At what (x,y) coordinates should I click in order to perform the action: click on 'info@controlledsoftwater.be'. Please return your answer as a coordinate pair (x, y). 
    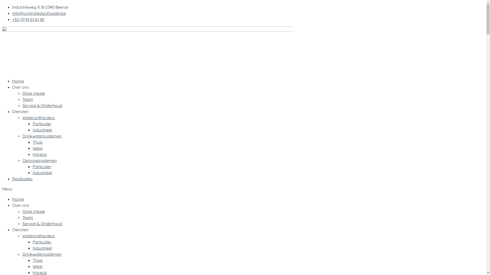
    Looking at the image, I should click on (39, 13).